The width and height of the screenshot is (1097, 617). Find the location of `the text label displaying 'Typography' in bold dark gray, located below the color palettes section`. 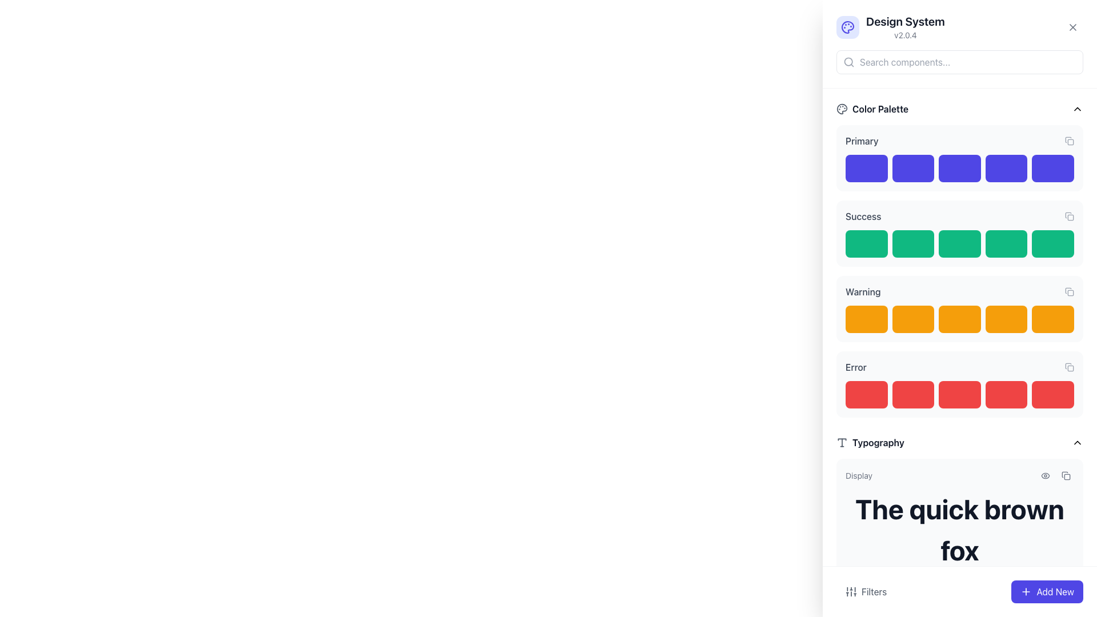

the text label displaying 'Typography' in bold dark gray, located below the color palettes section is located at coordinates (878, 442).